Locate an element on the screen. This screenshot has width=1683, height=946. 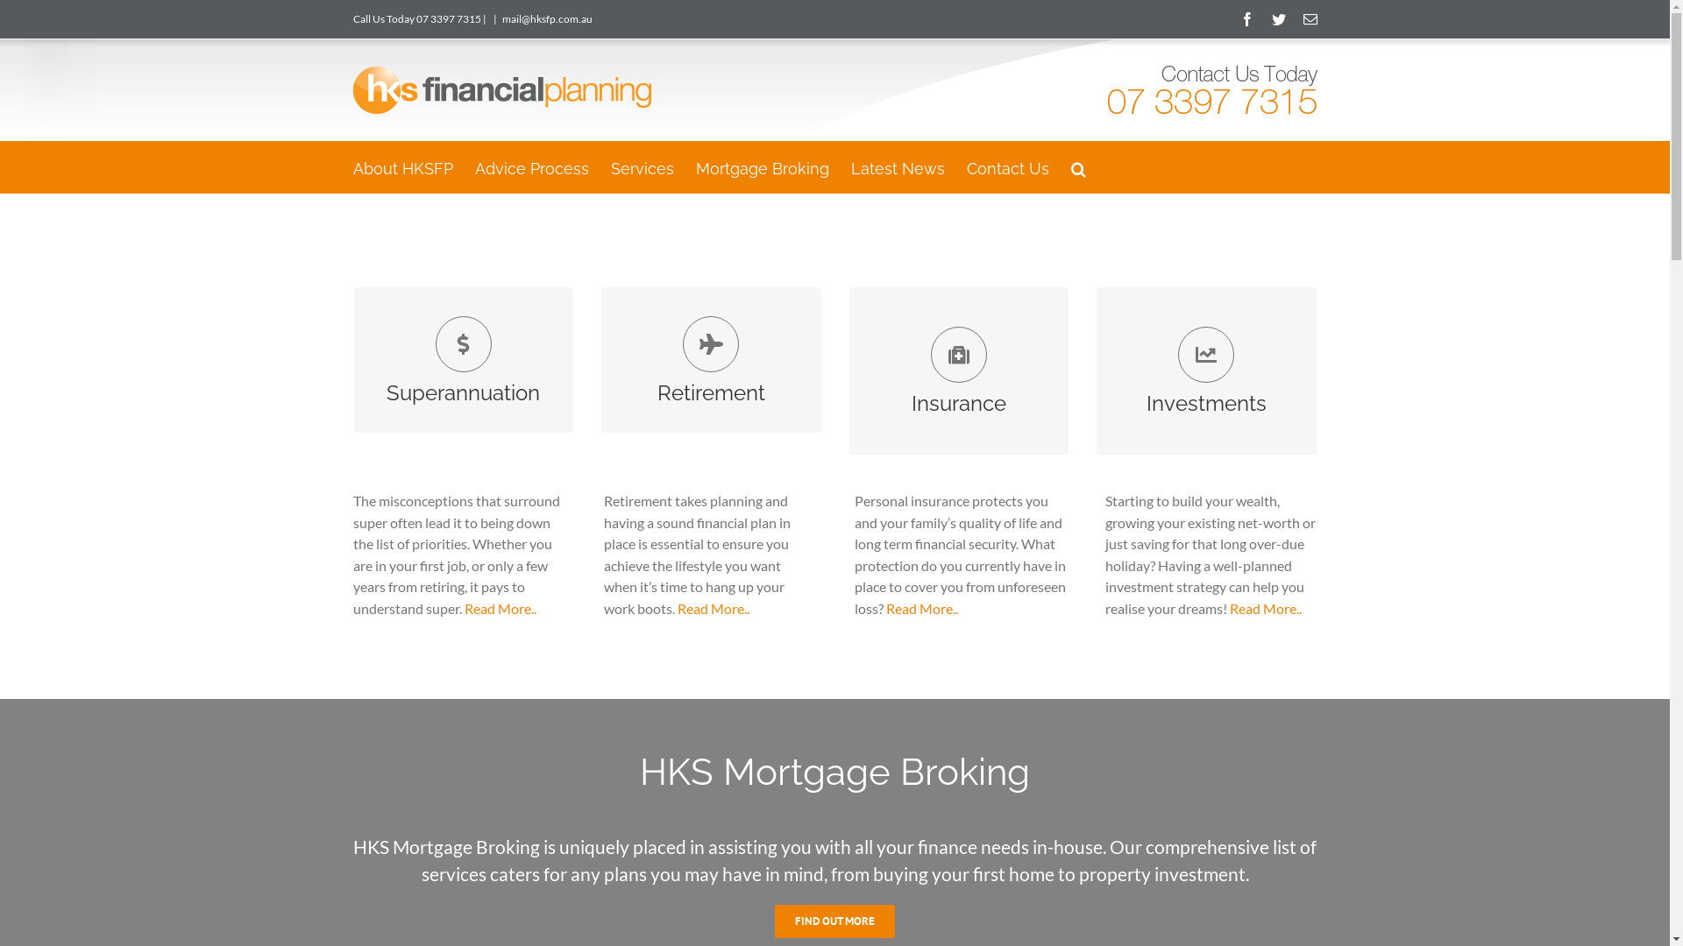
'Twitter' is located at coordinates (1270, 19).